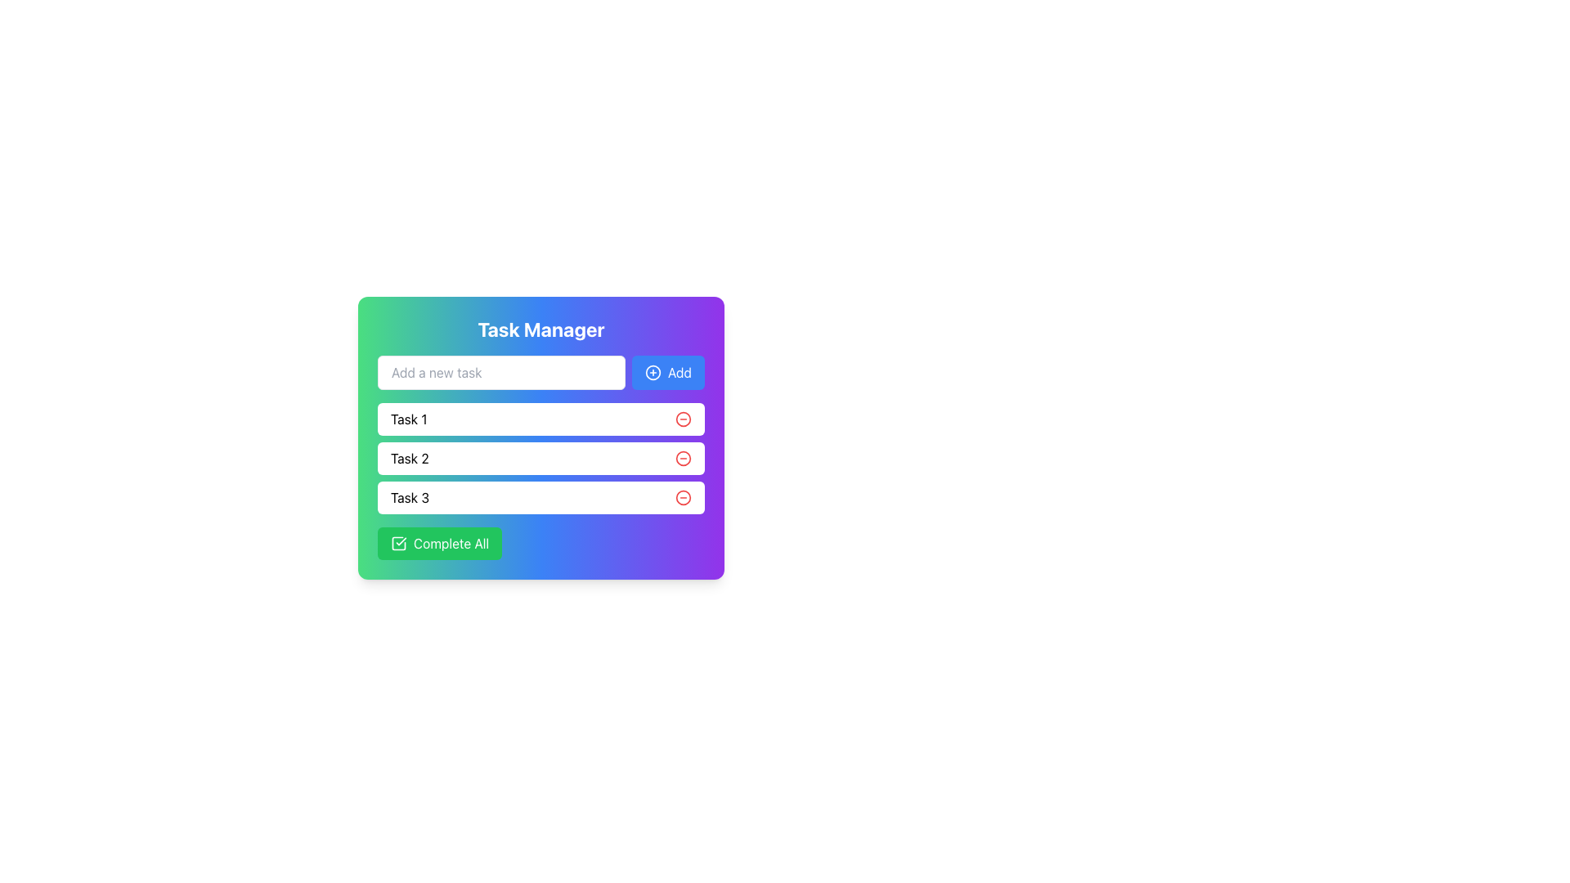 The image size is (1570, 883). What do you see at coordinates (440, 543) in the screenshot?
I see `the rectangular button labeled 'Complete All' with a green background and white text` at bounding box center [440, 543].